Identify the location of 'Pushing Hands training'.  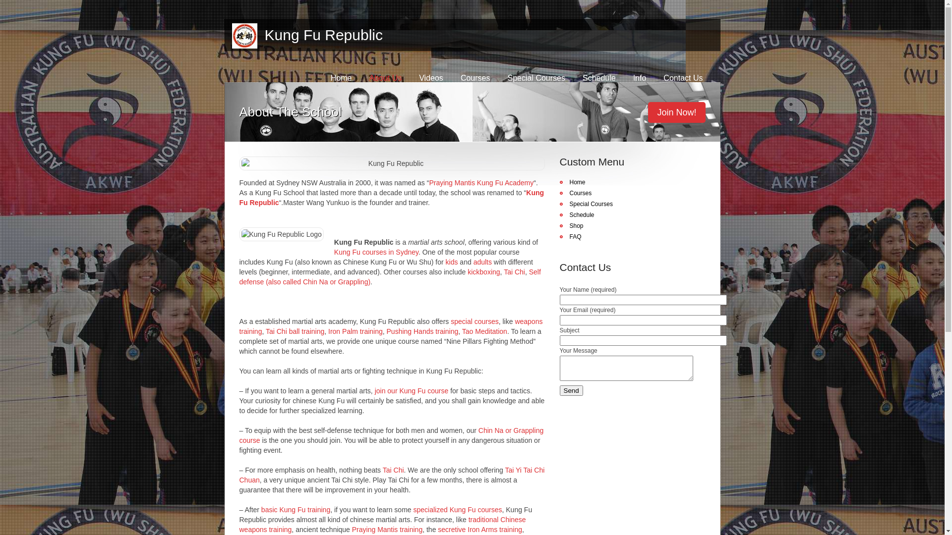
(386, 331).